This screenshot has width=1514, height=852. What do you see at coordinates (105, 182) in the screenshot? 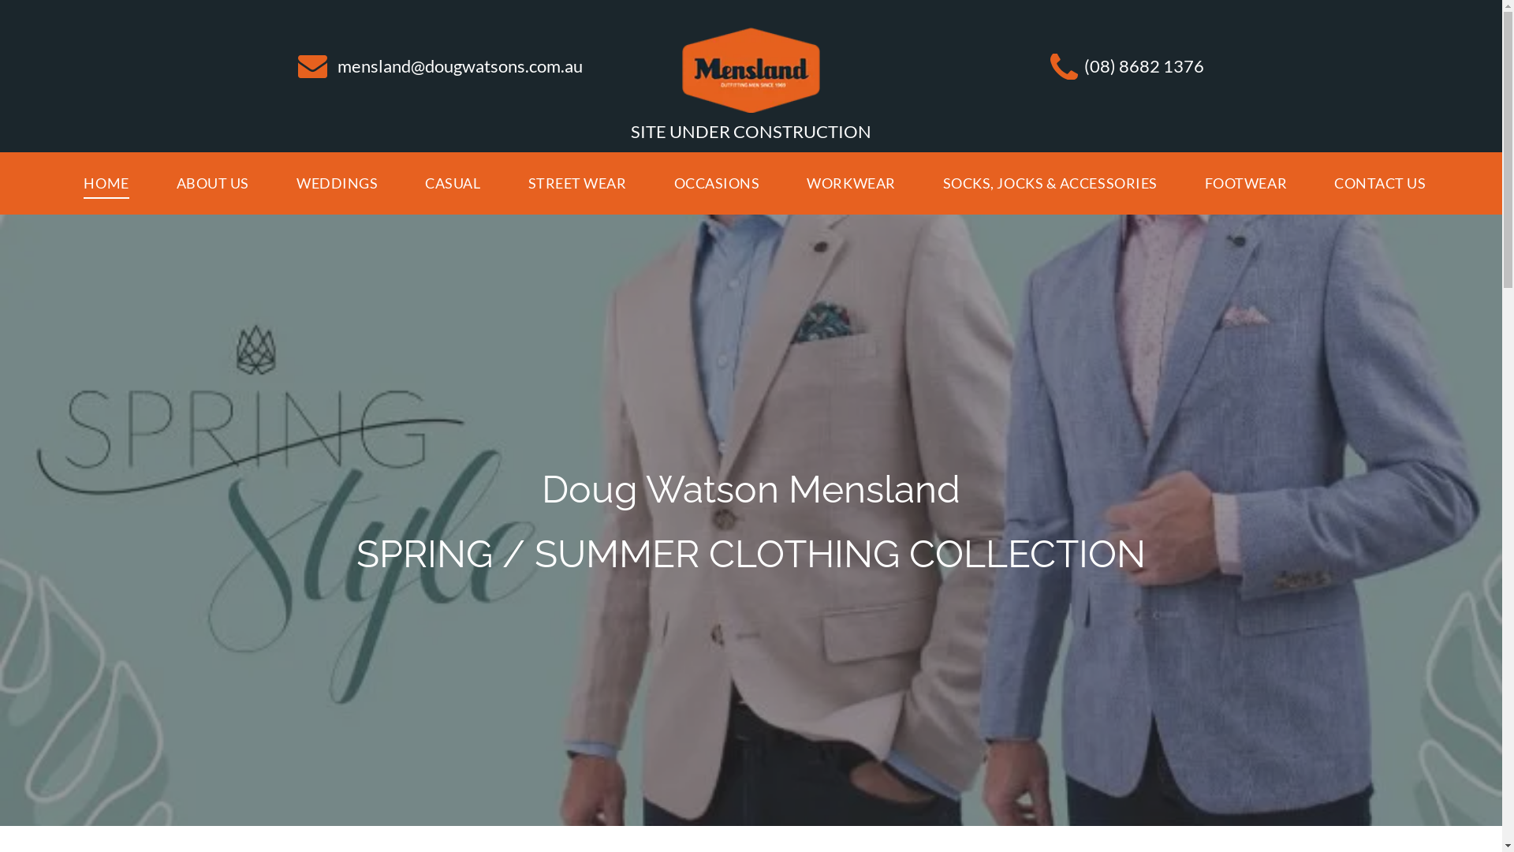
I see `'HOME'` at bounding box center [105, 182].